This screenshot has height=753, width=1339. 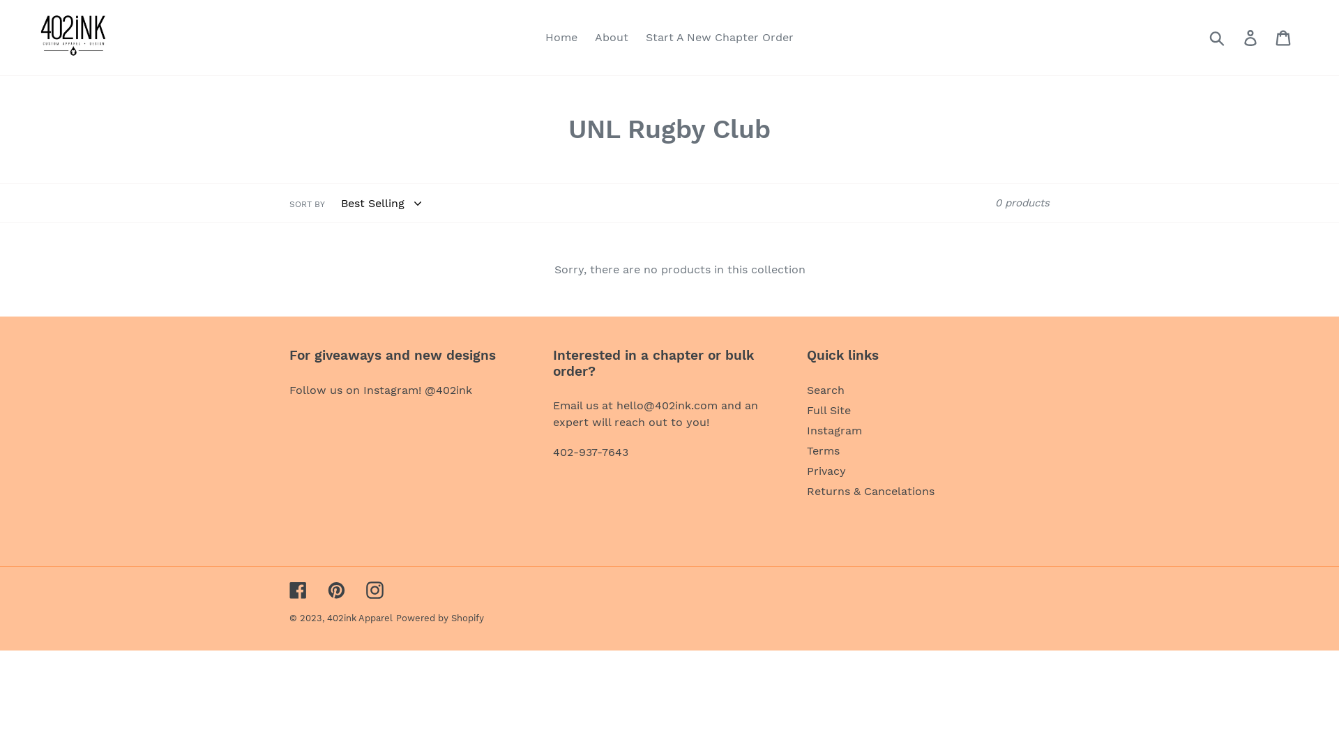 I want to click on 'Powered by Shopify', so click(x=395, y=617).